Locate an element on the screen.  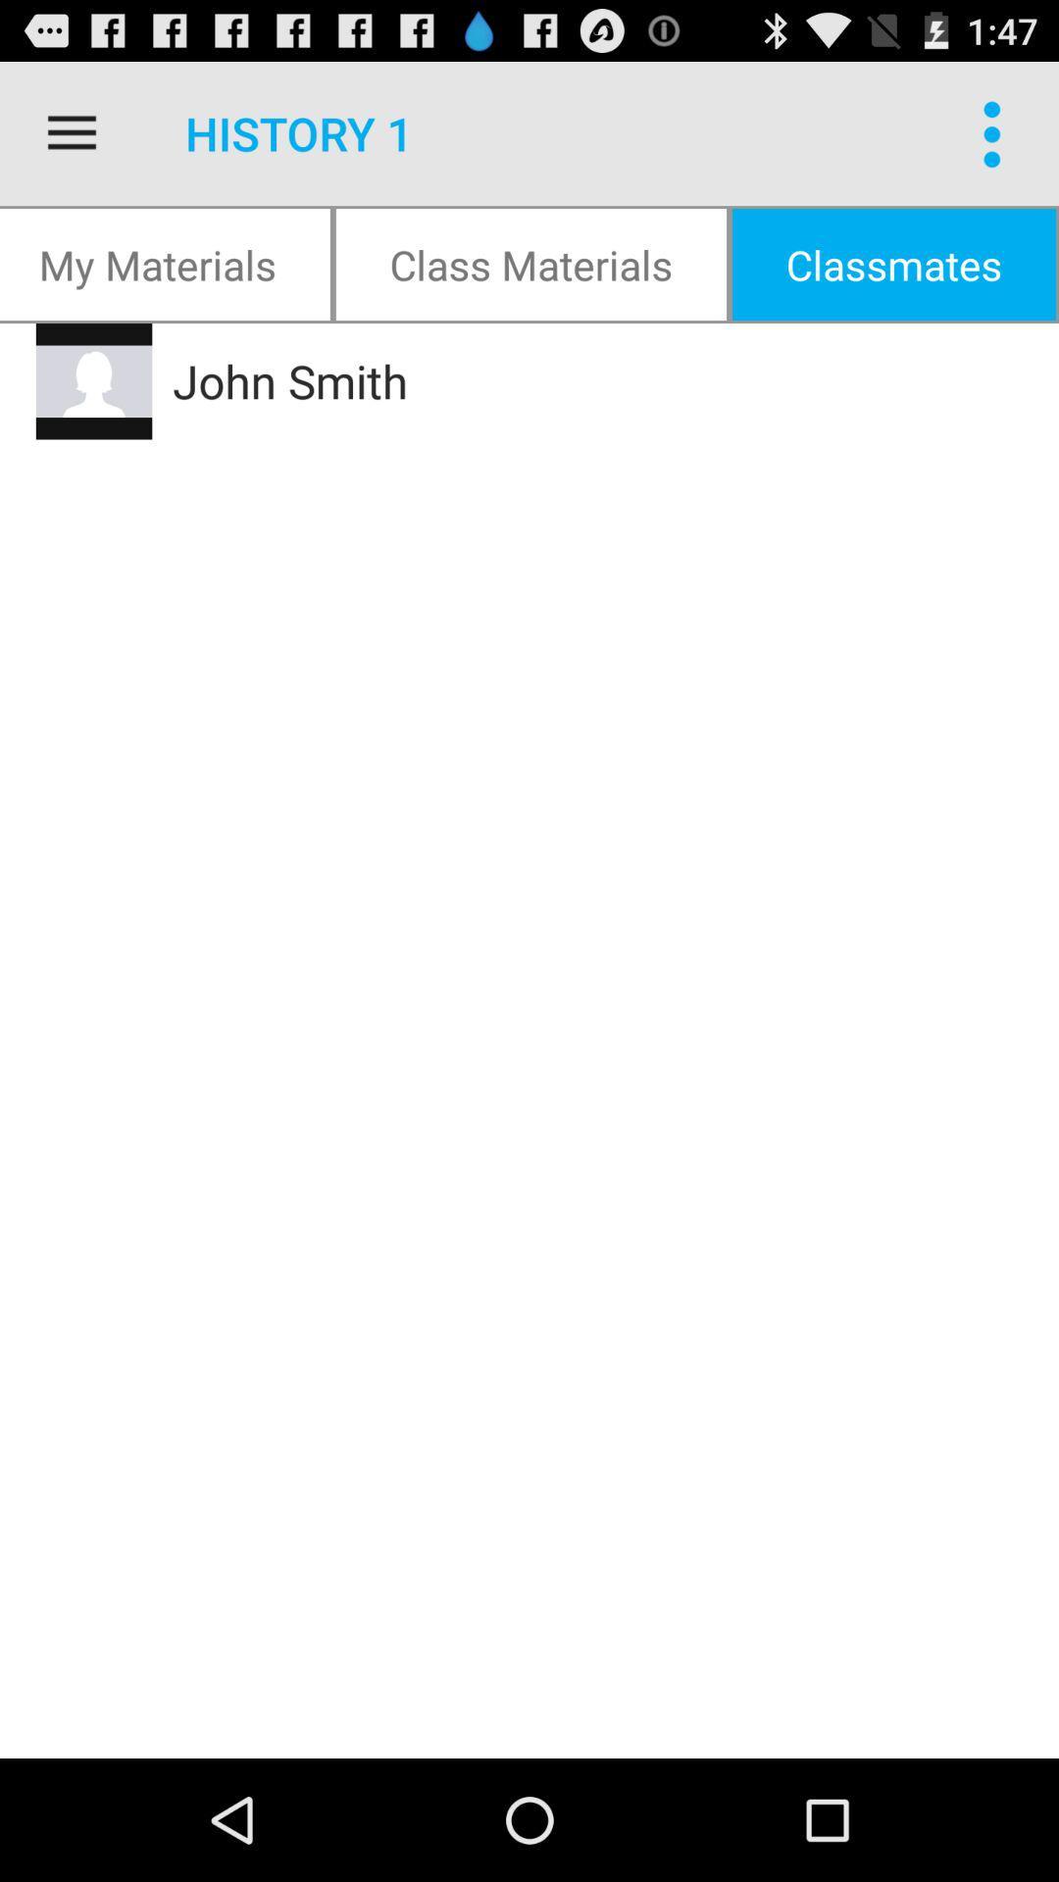
the icon to the right of the class materials icon is located at coordinates (997, 132).